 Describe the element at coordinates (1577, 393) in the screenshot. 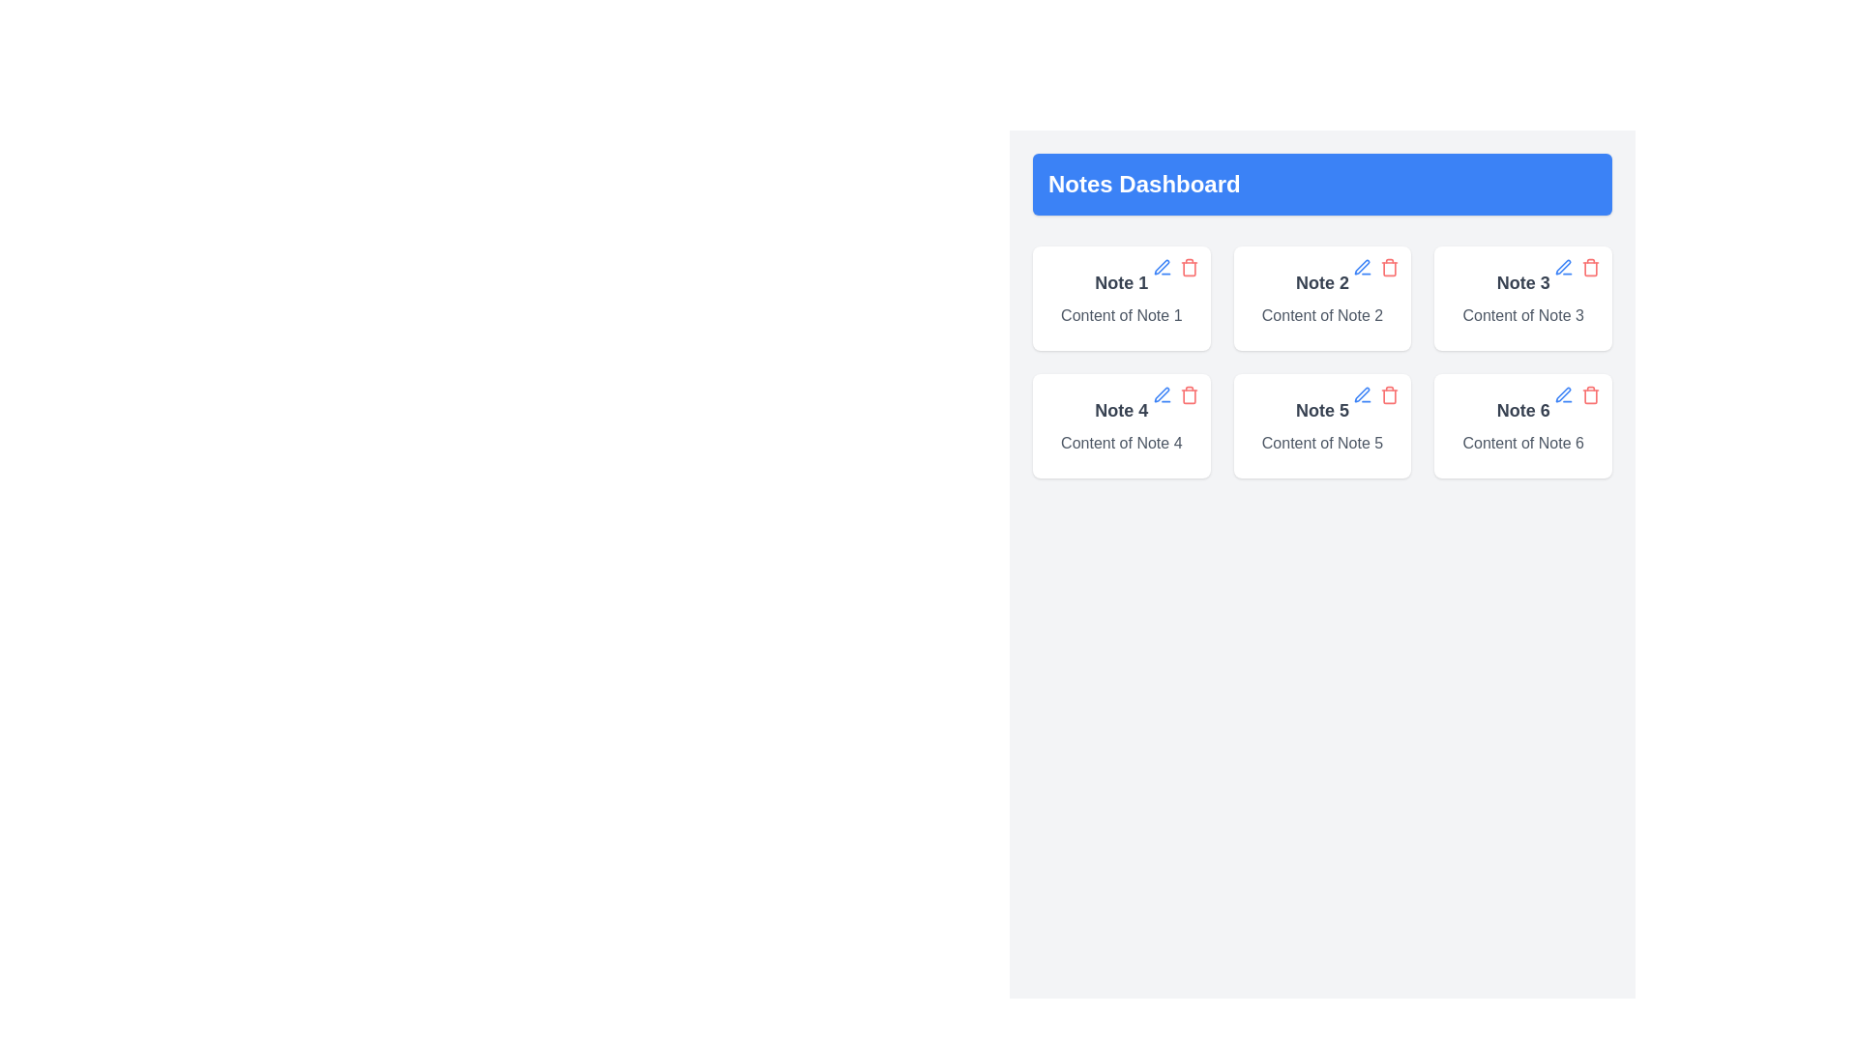

I see `the interactive icon group in the top-right corner of the 'Note 6' card, which contains a blue pen and a red trash bin` at that location.